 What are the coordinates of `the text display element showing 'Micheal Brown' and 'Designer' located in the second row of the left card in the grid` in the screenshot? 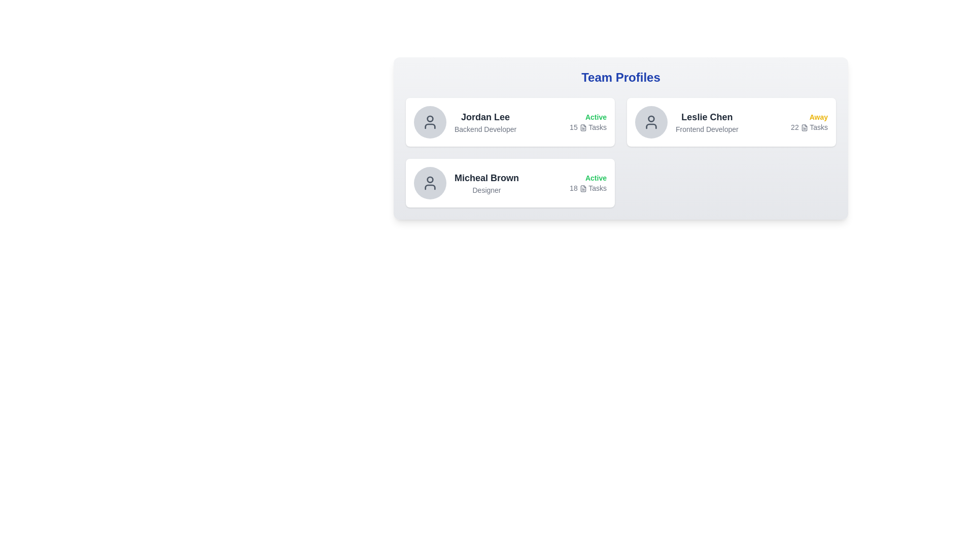 It's located at (486, 183).